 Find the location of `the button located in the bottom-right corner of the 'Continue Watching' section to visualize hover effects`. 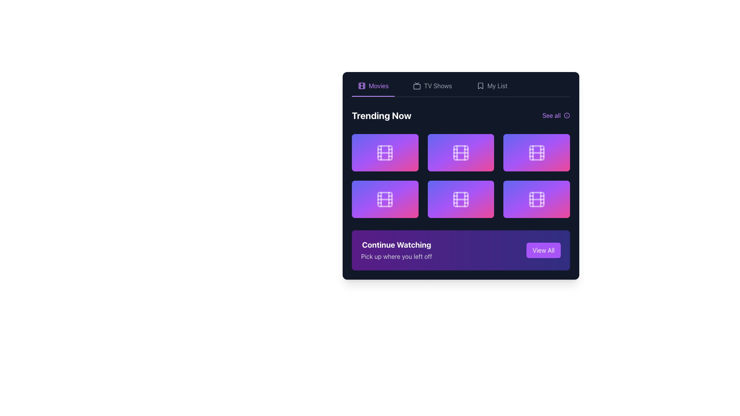

the button located in the bottom-right corner of the 'Continue Watching' section to visualize hover effects is located at coordinates (543, 250).